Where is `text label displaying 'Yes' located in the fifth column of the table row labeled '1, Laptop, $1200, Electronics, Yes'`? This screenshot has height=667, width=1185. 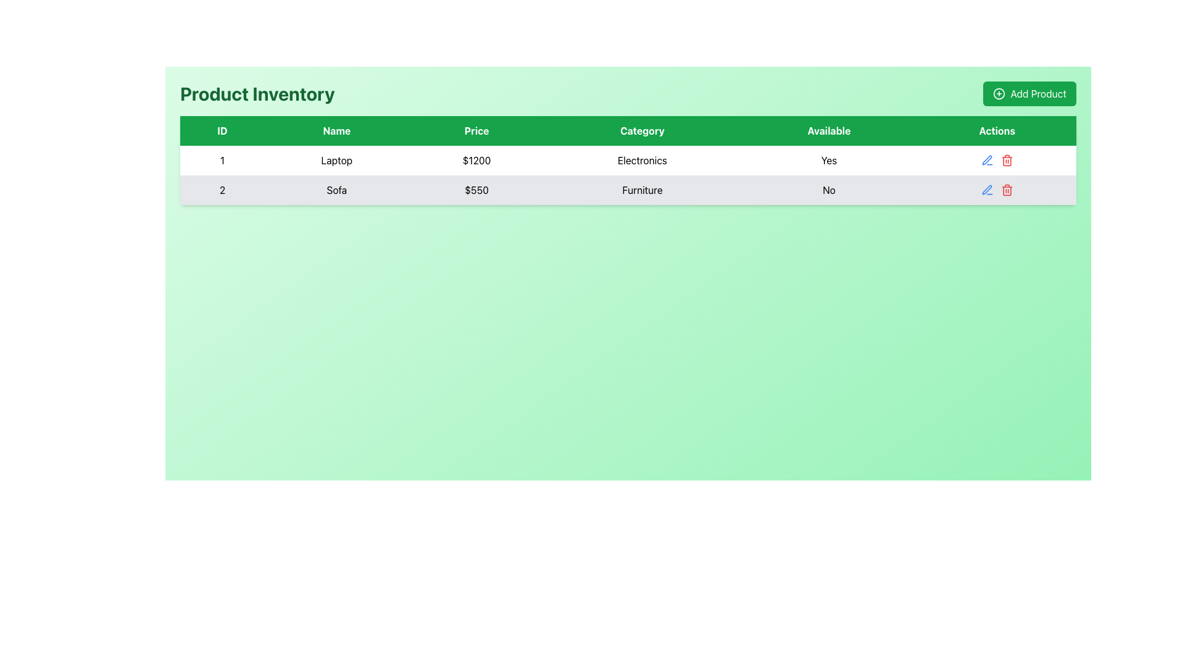
text label displaying 'Yes' located in the fifth column of the table row labeled '1, Laptop, $1200, Electronics, Yes' is located at coordinates (829, 159).